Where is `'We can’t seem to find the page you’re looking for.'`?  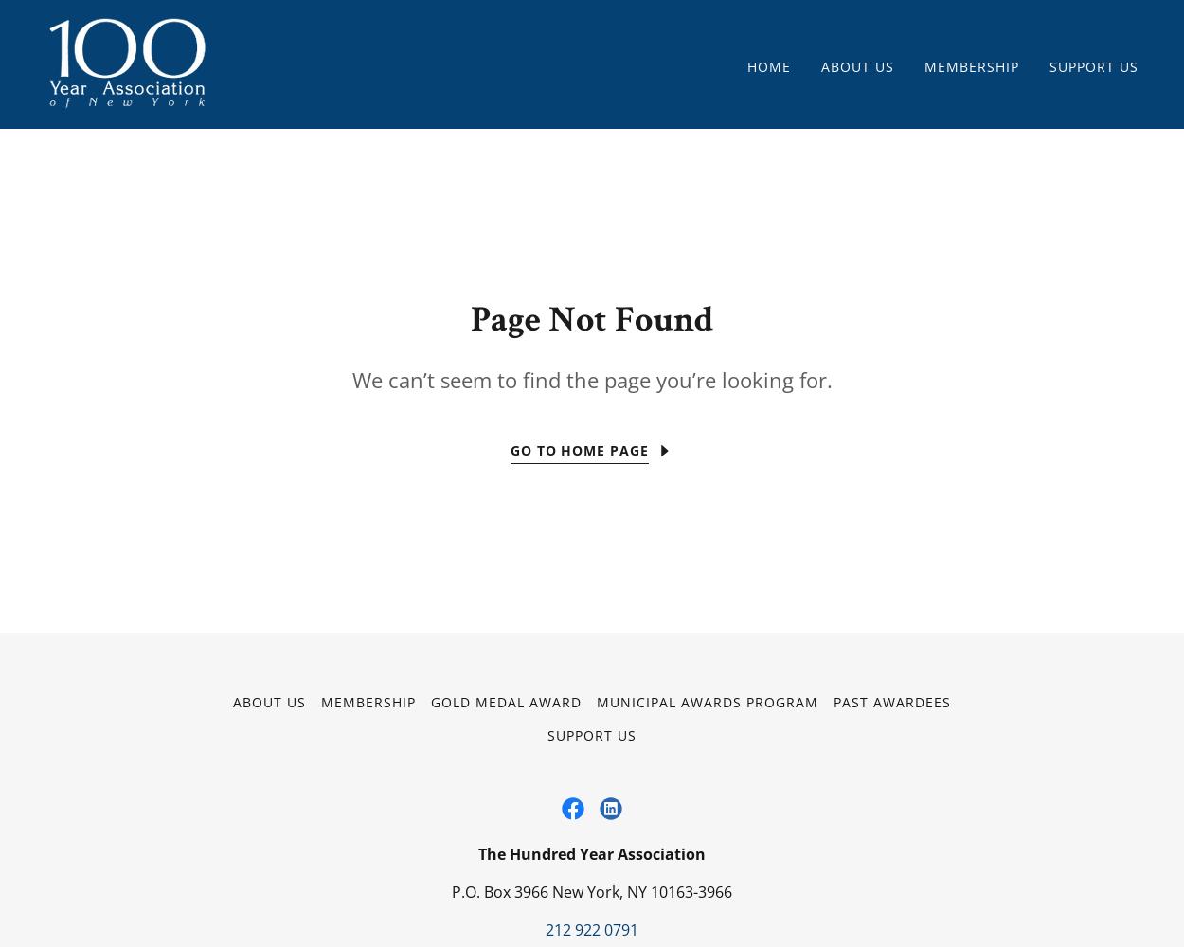 'We can’t seem to find the page you’re looking for.' is located at coordinates (350, 380).